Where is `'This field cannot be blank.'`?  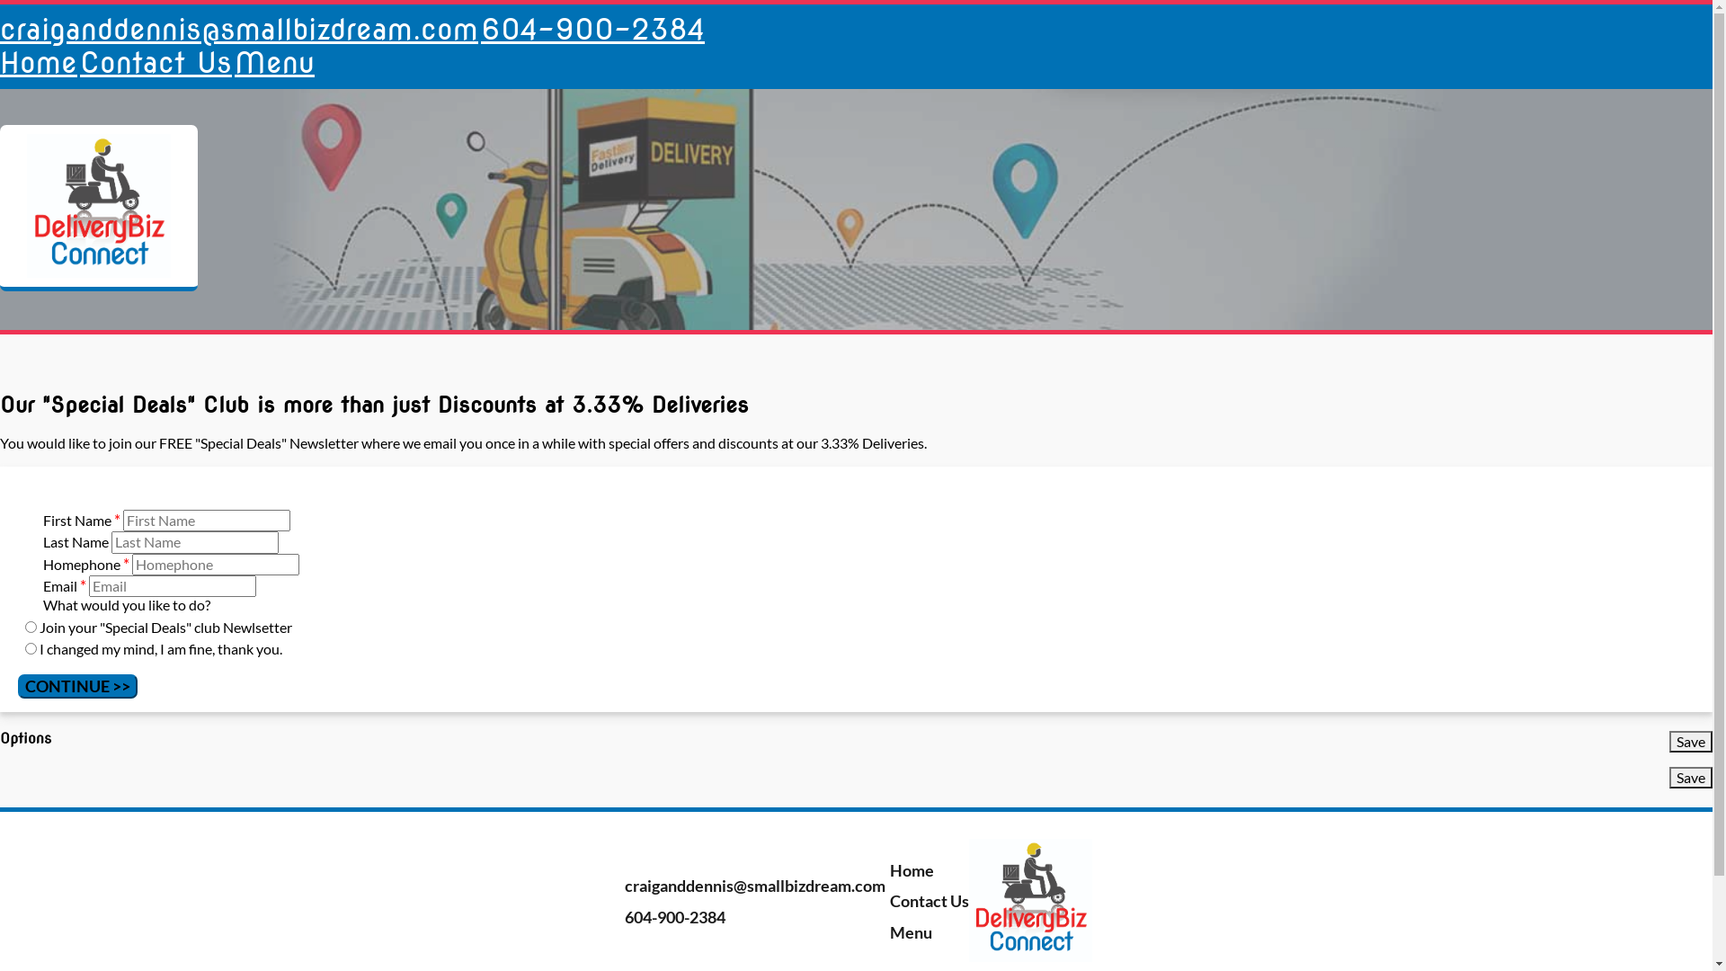 'This field cannot be blank.' is located at coordinates (216, 564).